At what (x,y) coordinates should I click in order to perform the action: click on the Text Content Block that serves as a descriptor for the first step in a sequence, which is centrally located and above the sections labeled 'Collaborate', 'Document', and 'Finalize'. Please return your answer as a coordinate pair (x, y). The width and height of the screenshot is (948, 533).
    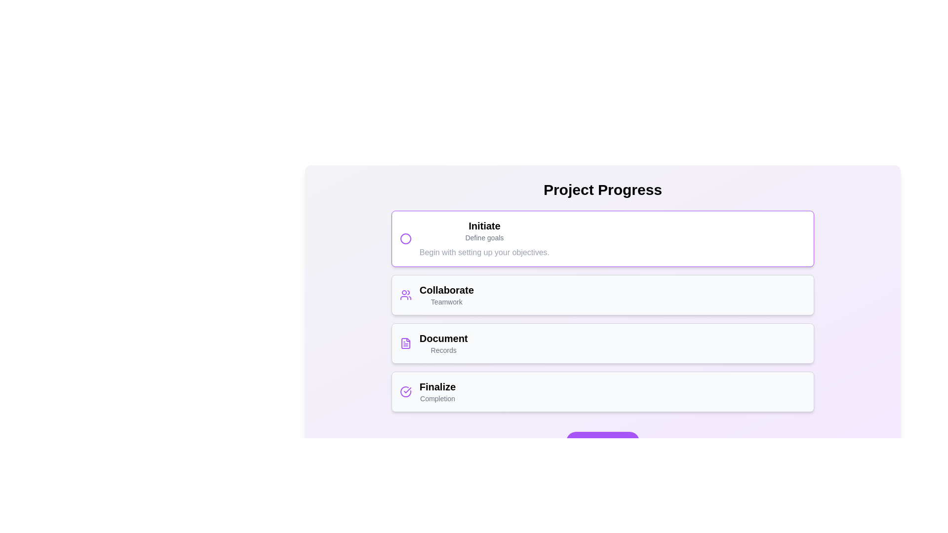
    Looking at the image, I should click on (484, 238).